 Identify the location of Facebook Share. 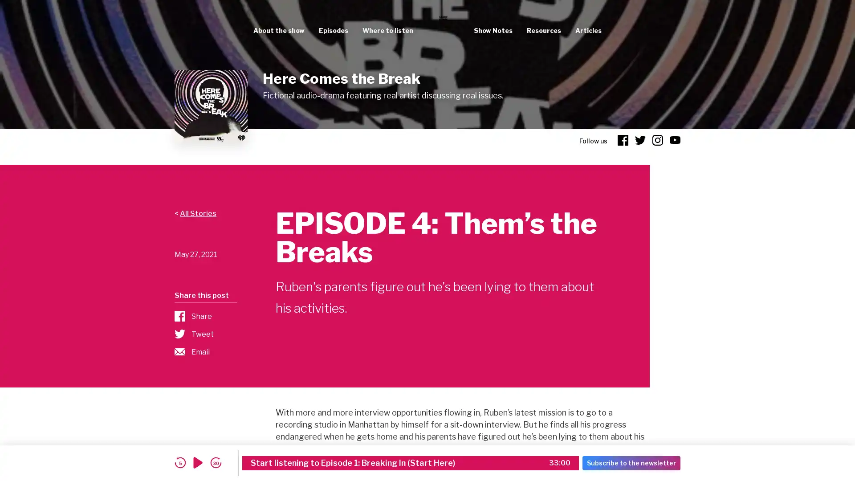
(205, 315).